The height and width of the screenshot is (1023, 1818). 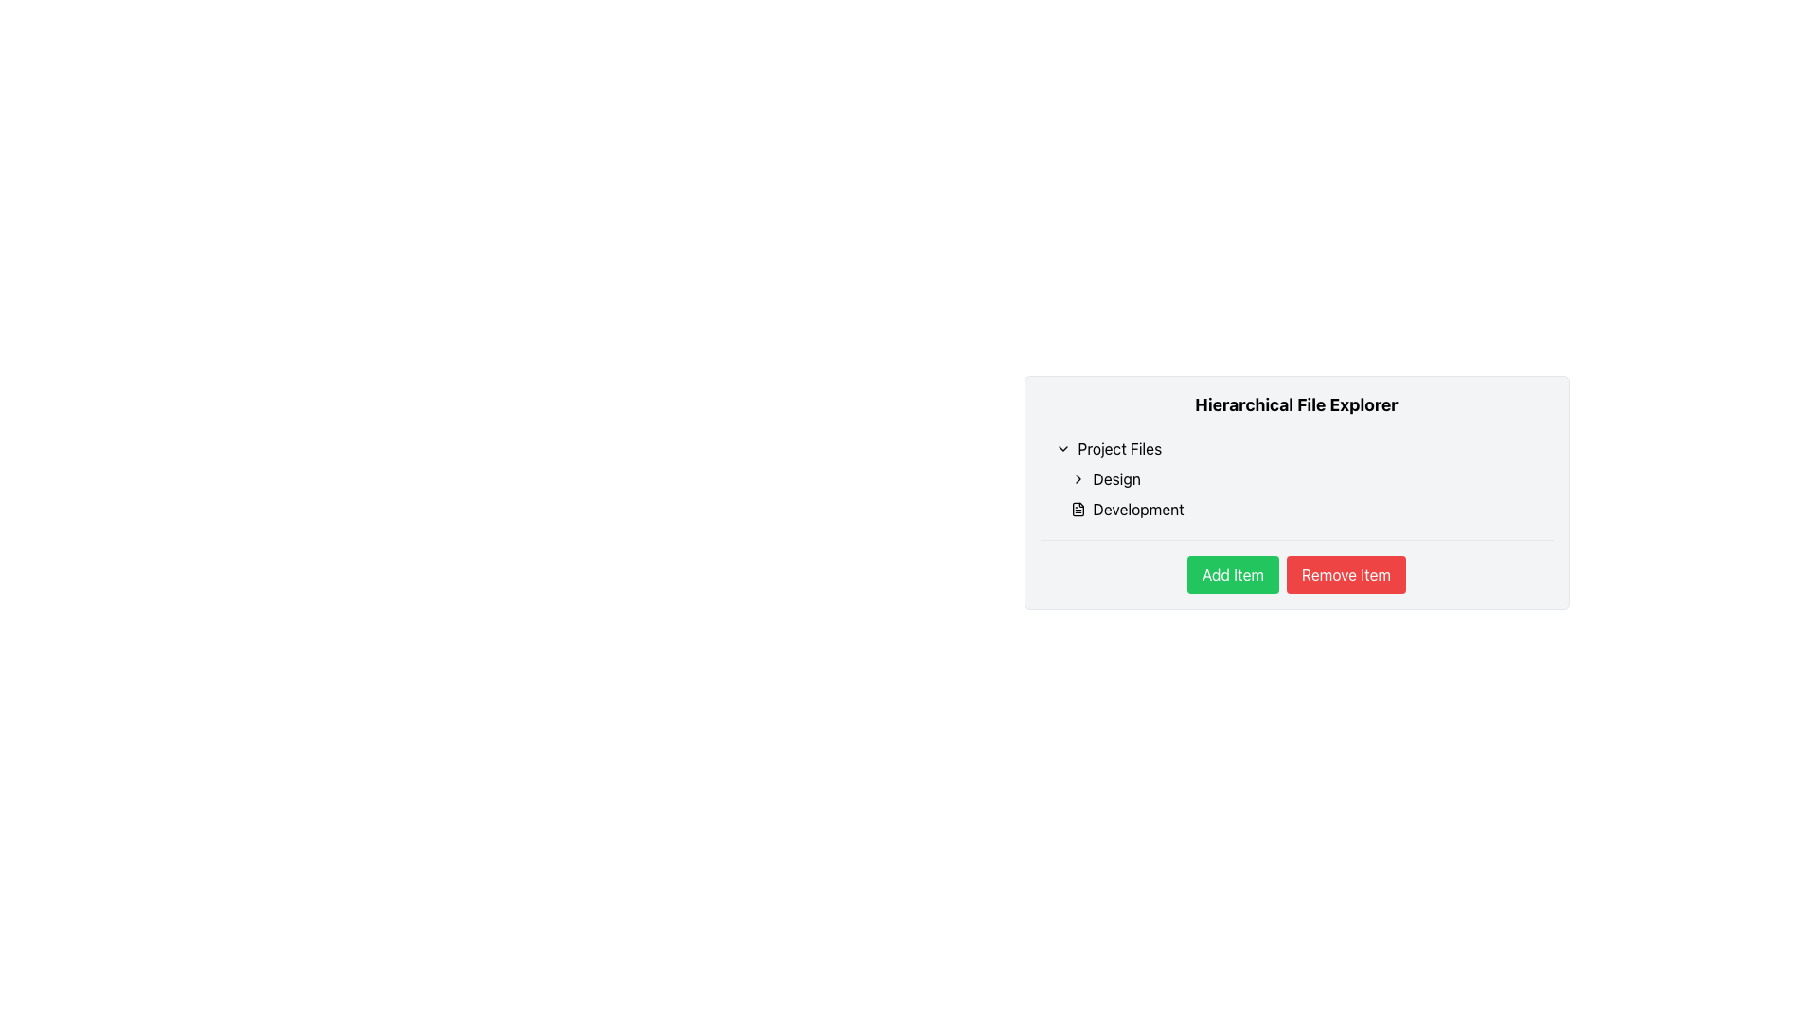 What do you see at coordinates (1345, 573) in the screenshot?
I see `the button that removes an item from the list, located directly to the right of the 'Add Item' button, to change its visual state` at bounding box center [1345, 573].